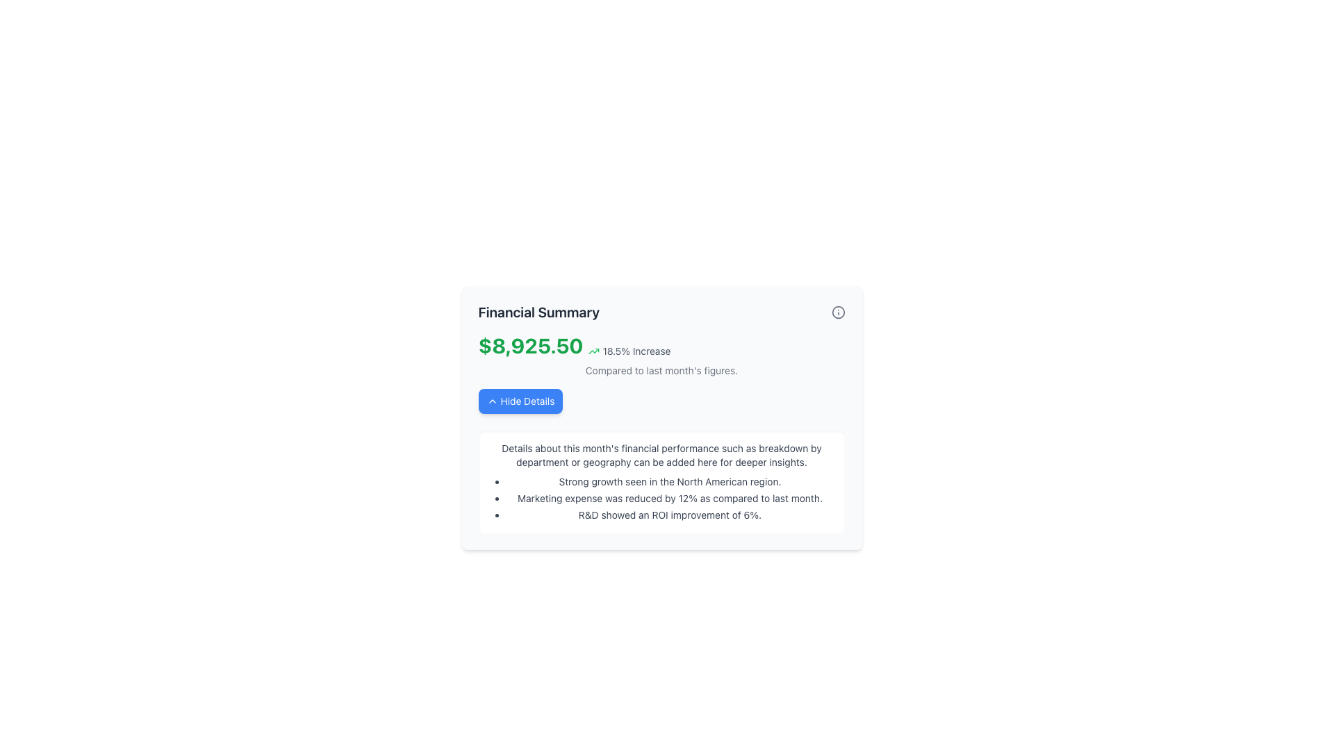 The height and width of the screenshot is (750, 1334). I want to click on informational text about the reduction in marketing expenses located in the second bullet point of the list under 'Financial Summary', so click(670, 497).